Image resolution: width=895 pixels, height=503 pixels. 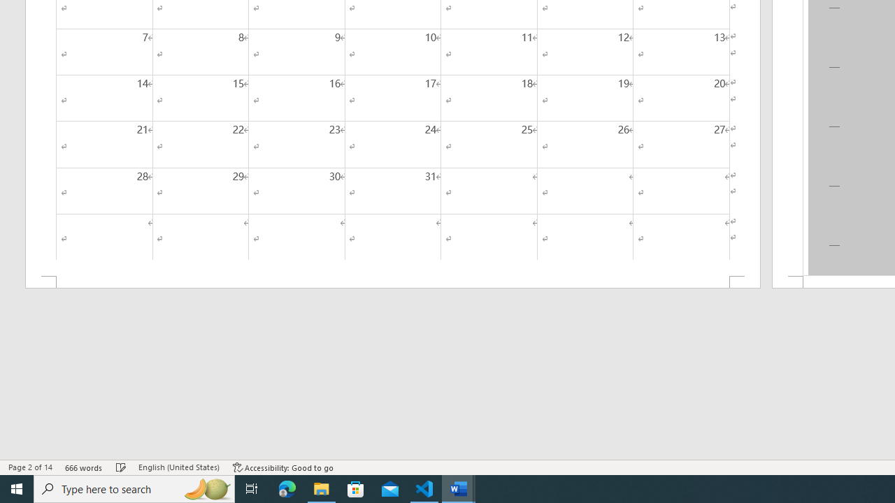 I want to click on 'Microsoft Store', so click(x=356, y=488).